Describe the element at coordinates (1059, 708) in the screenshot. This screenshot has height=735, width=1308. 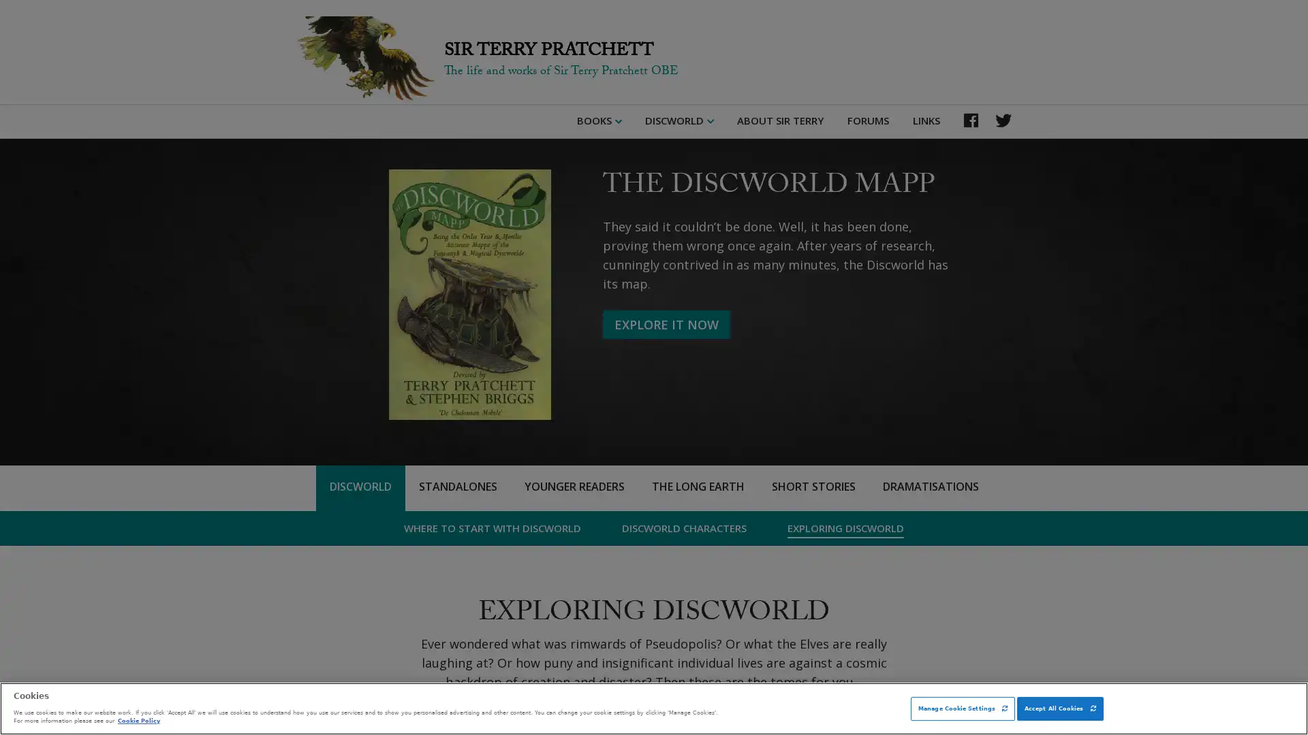
I see `Accept All Cookies` at that location.